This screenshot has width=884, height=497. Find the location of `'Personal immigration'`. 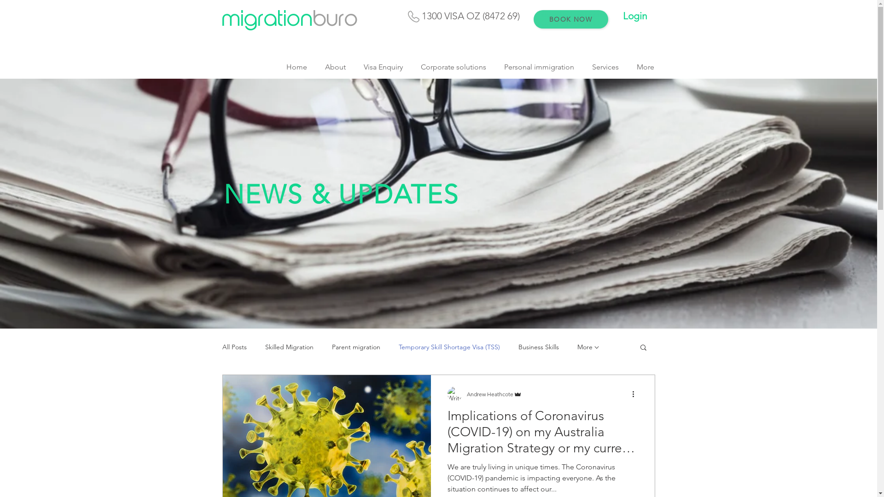

'Personal immigration' is located at coordinates (539, 67).